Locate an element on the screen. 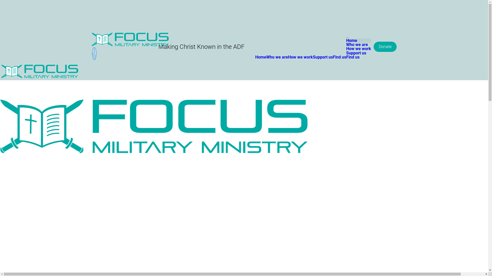 The width and height of the screenshot is (492, 276). 'Donate' is located at coordinates (374, 47).